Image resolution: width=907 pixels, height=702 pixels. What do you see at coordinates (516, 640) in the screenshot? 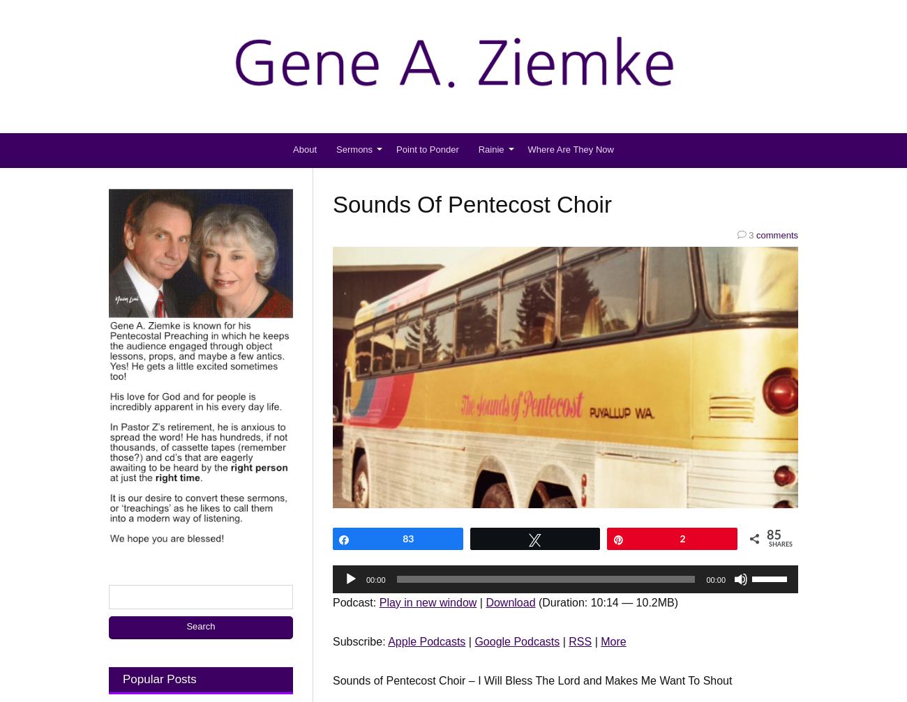
I see `'Google Podcasts'` at bounding box center [516, 640].